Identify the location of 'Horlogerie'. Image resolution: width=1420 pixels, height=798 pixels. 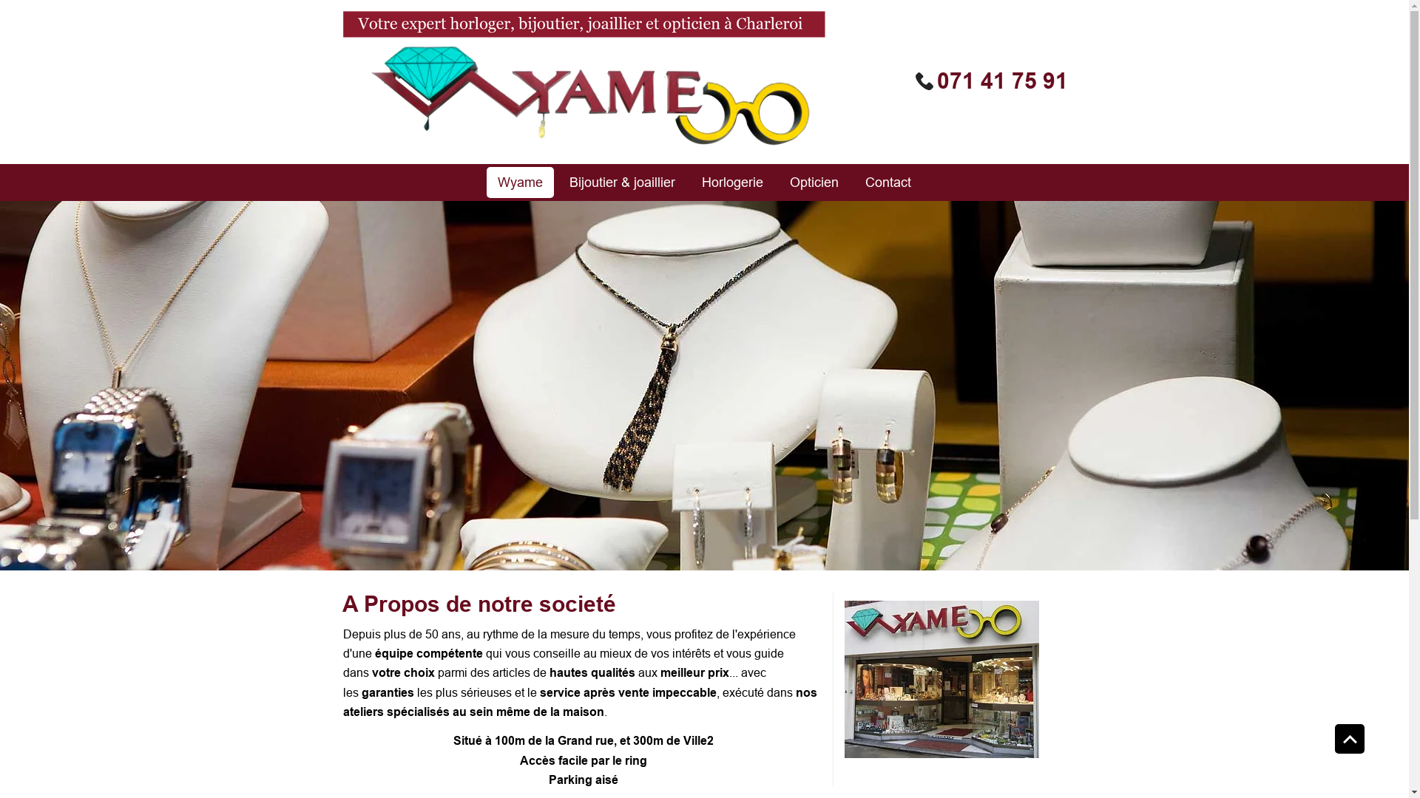
(732, 181).